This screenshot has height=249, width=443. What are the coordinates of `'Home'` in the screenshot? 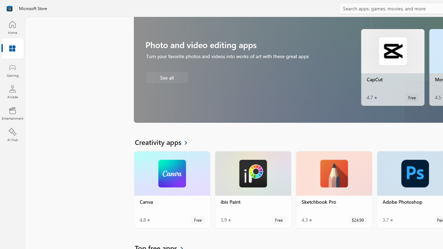 It's located at (12, 27).